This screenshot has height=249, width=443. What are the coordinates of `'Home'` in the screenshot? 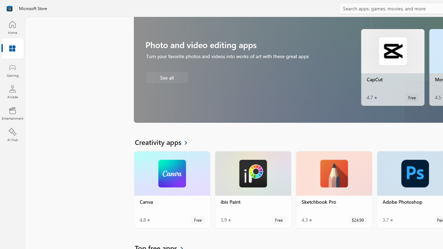 It's located at (12, 27).